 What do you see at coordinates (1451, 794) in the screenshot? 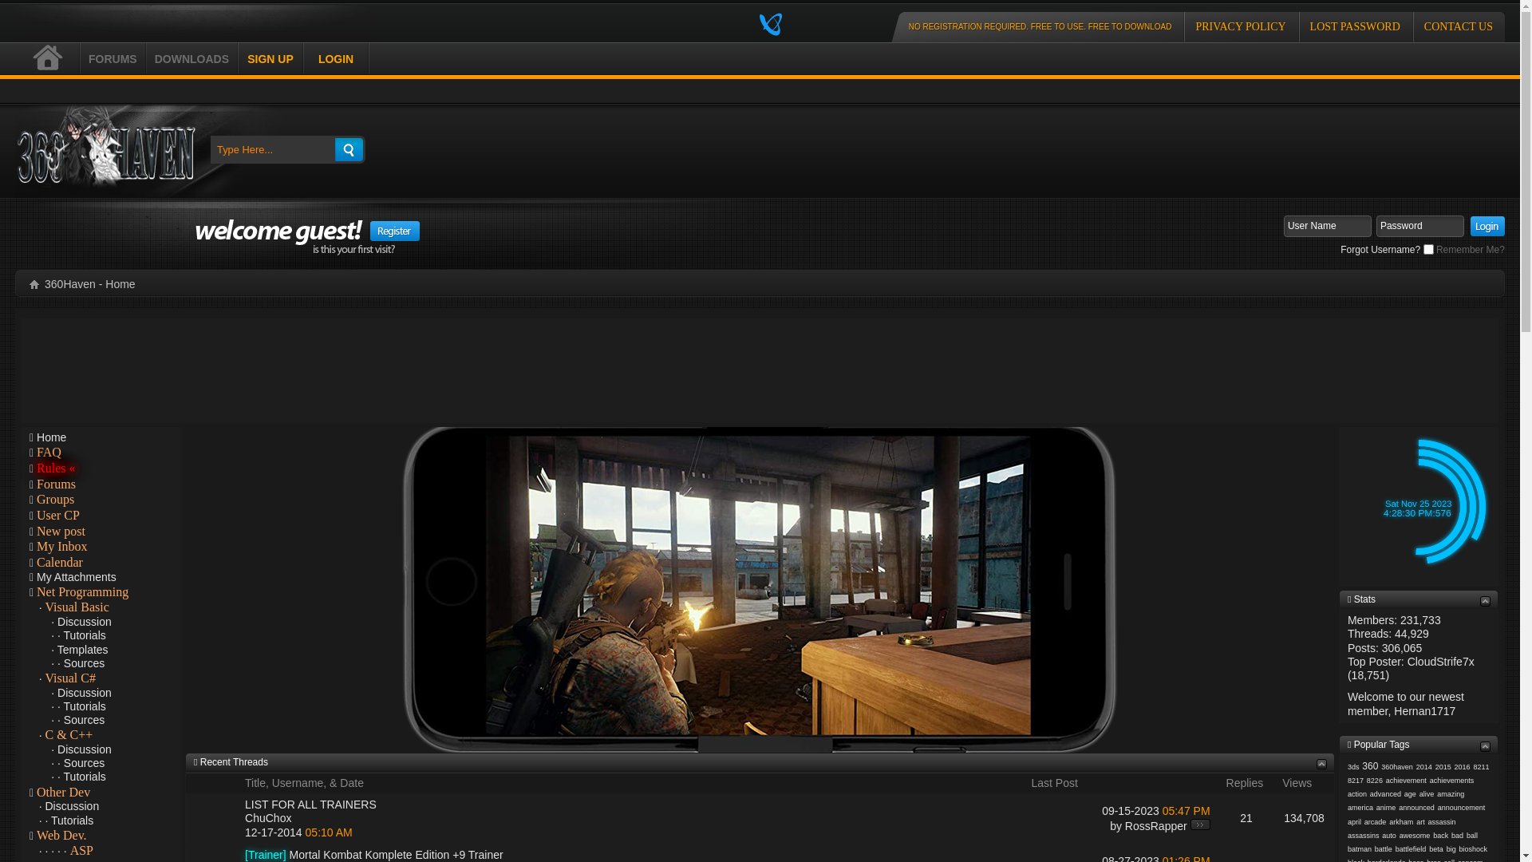
I see `'amazing'` at bounding box center [1451, 794].